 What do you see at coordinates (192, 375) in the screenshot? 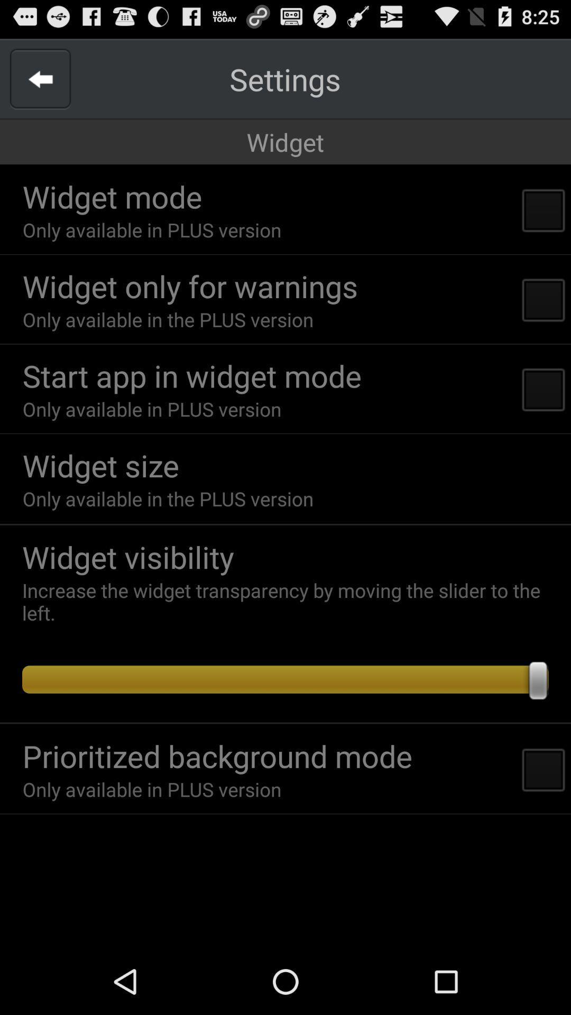
I see `start app in` at bounding box center [192, 375].